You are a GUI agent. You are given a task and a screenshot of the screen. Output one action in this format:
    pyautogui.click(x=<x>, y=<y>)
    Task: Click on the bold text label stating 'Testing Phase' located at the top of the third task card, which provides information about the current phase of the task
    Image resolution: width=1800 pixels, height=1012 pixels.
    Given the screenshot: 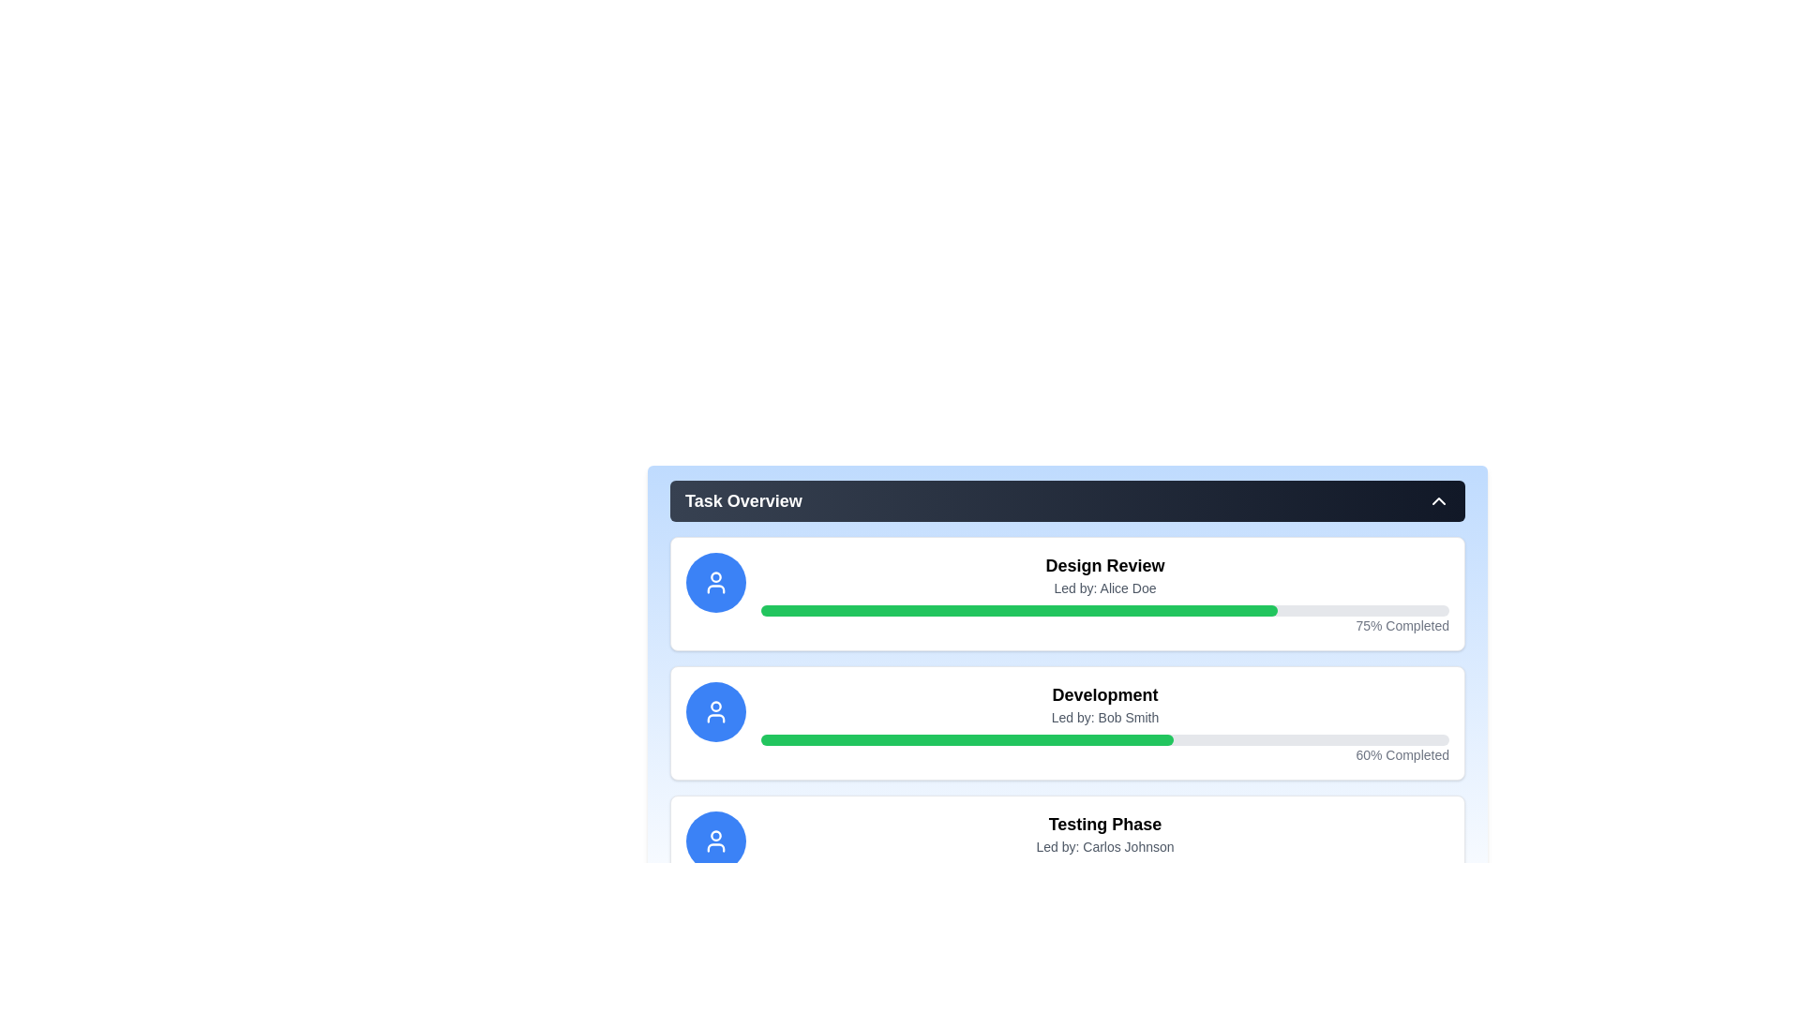 What is the action you would take?
    pyautogui.click(x=1105, y=823)
    